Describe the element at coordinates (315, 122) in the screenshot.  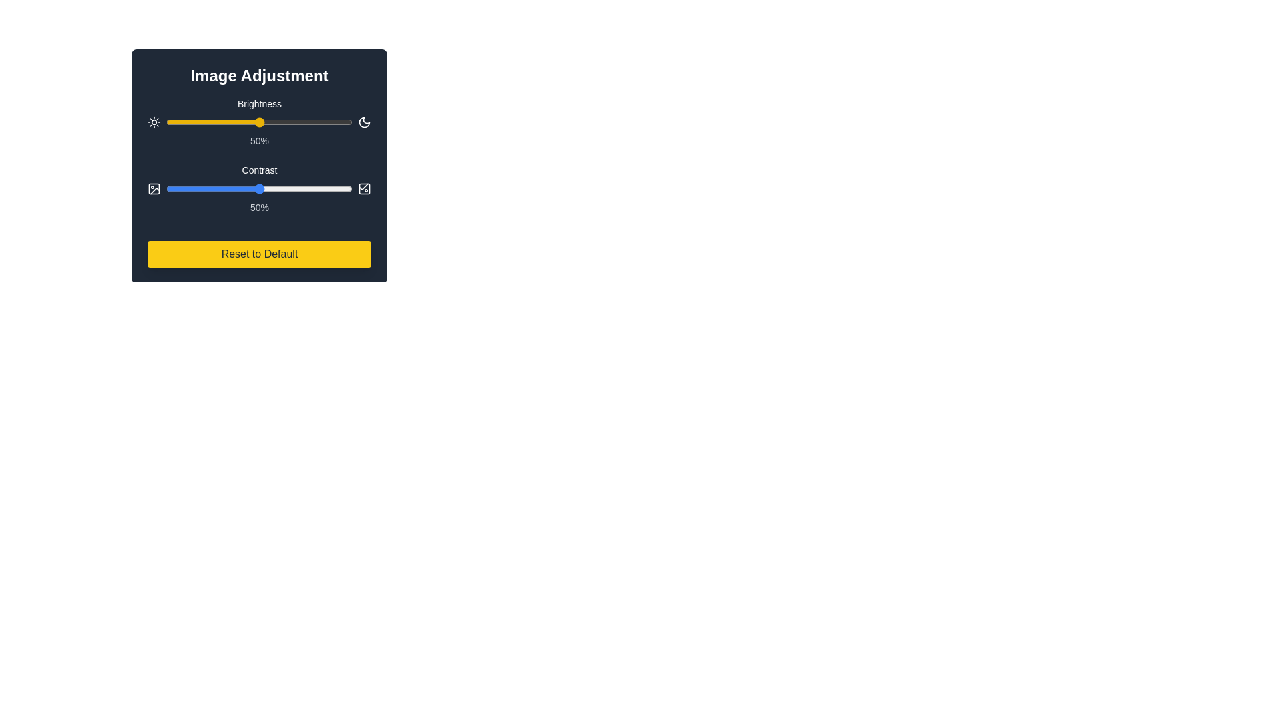
I see `brightness` at that location.